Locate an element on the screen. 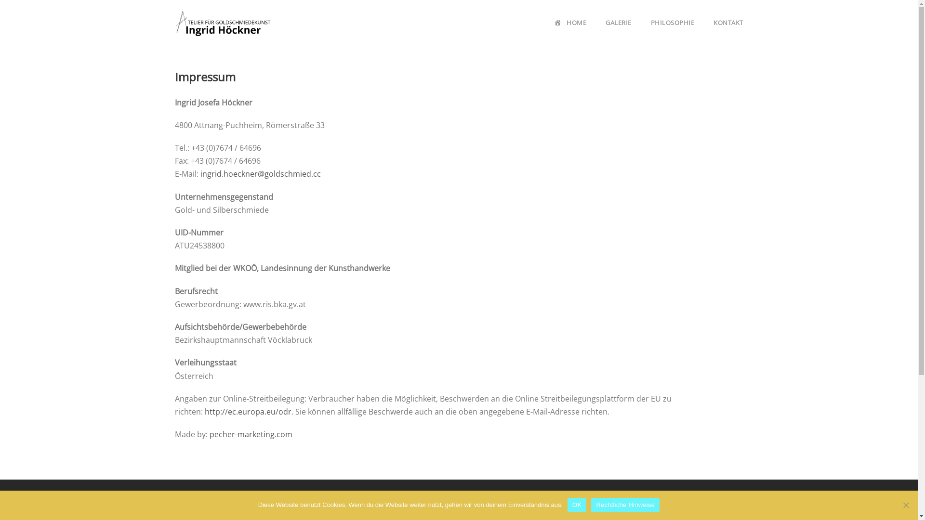  'pecher-marketing.com' is located at coordinates (250, 434).